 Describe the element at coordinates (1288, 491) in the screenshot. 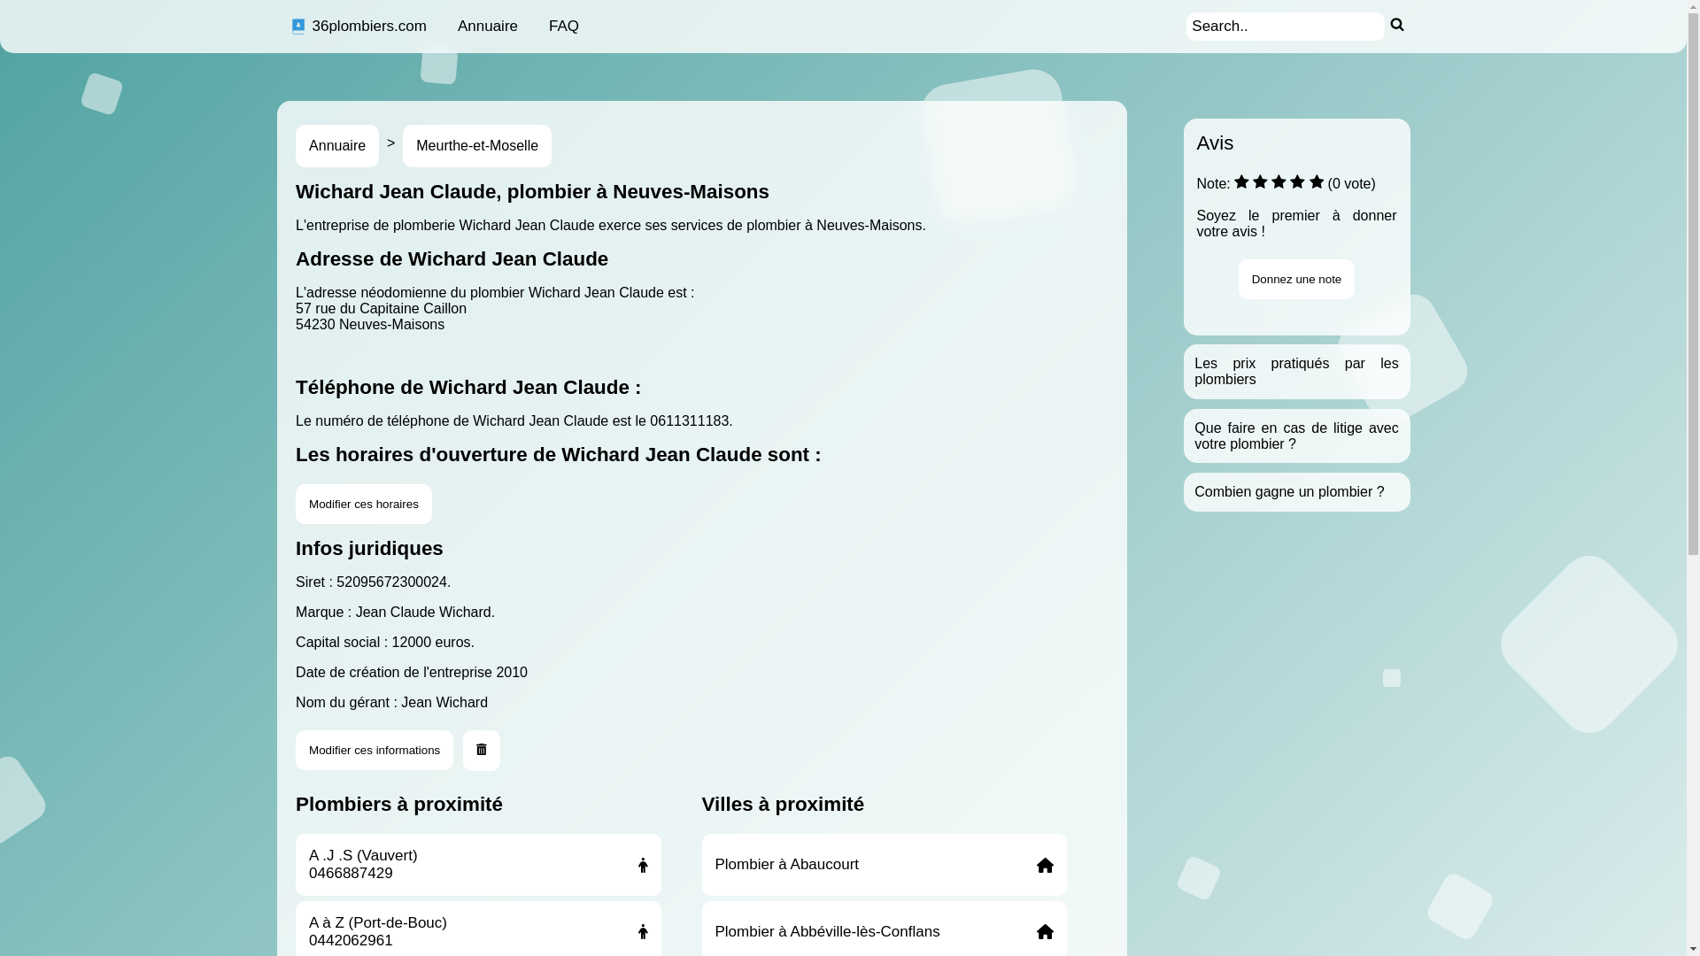

I see `'Combien gagne un plombier ?'` at that location.